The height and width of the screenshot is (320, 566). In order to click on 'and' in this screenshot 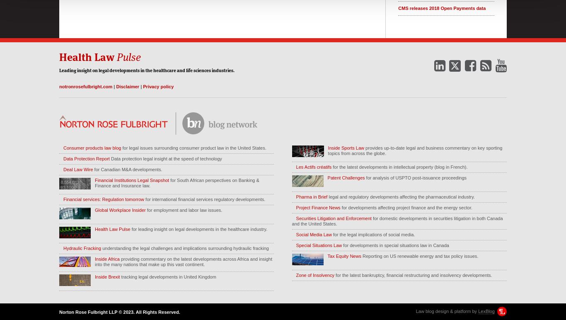, I will do `click(180, 69)`.